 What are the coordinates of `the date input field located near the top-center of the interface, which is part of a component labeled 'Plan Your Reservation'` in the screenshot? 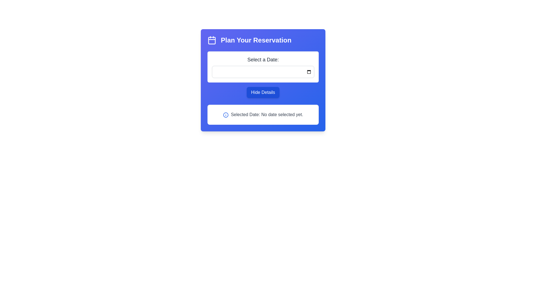 It's located at (263, 66).